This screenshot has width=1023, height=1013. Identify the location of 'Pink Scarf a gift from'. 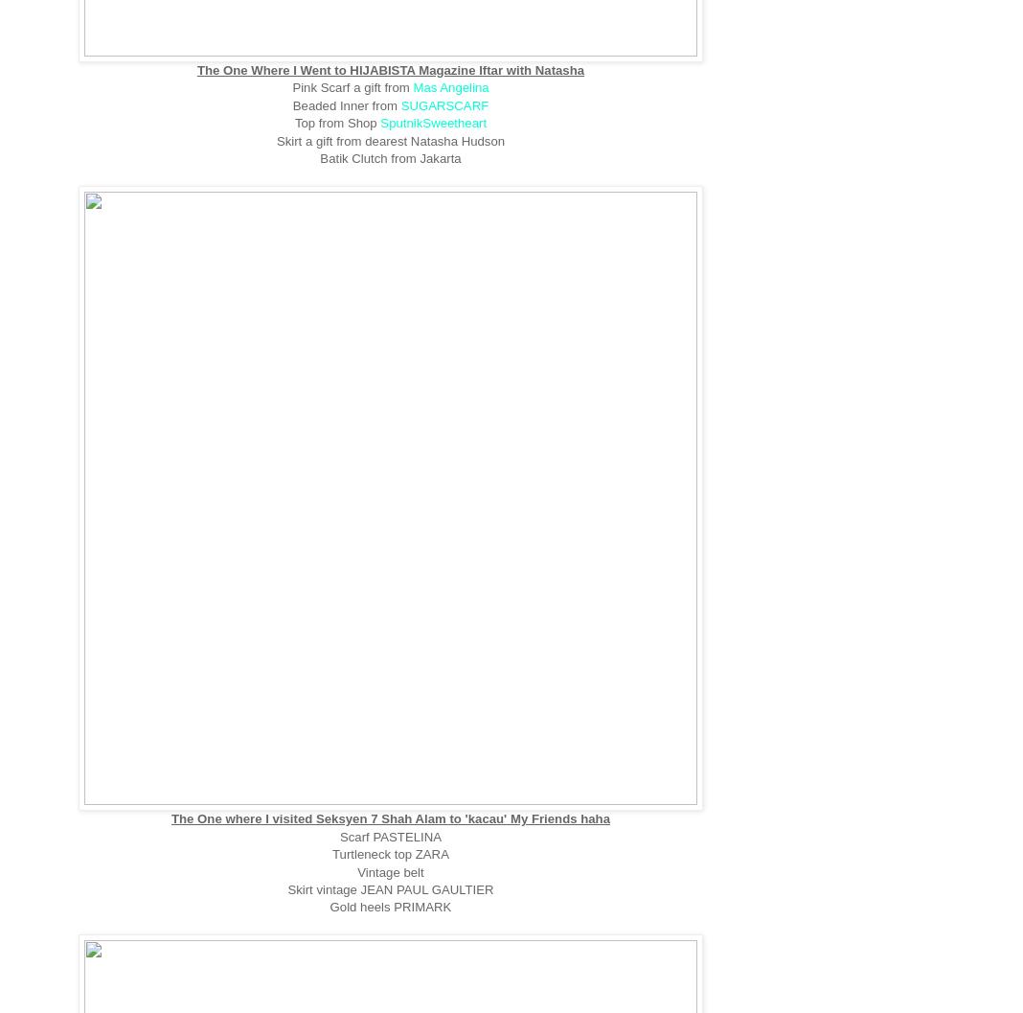
(352, 86).